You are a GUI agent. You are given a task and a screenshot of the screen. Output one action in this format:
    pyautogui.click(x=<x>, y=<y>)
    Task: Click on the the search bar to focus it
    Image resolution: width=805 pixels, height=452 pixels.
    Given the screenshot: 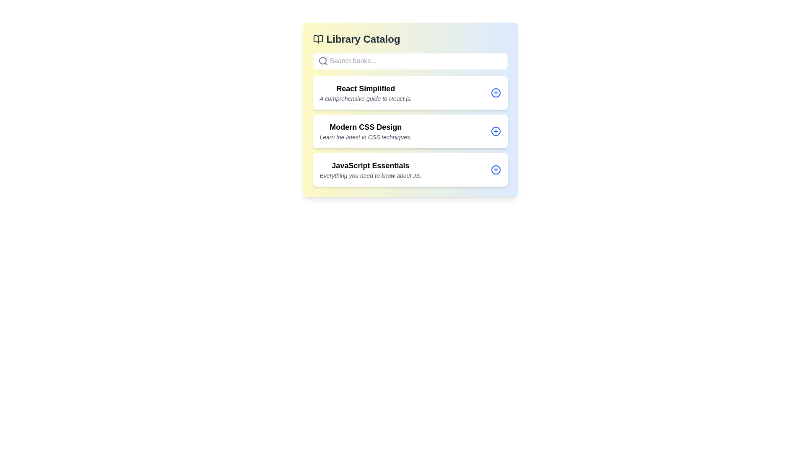 What is the action you would take?
    pyautogui.click(x=410, y=61)
    